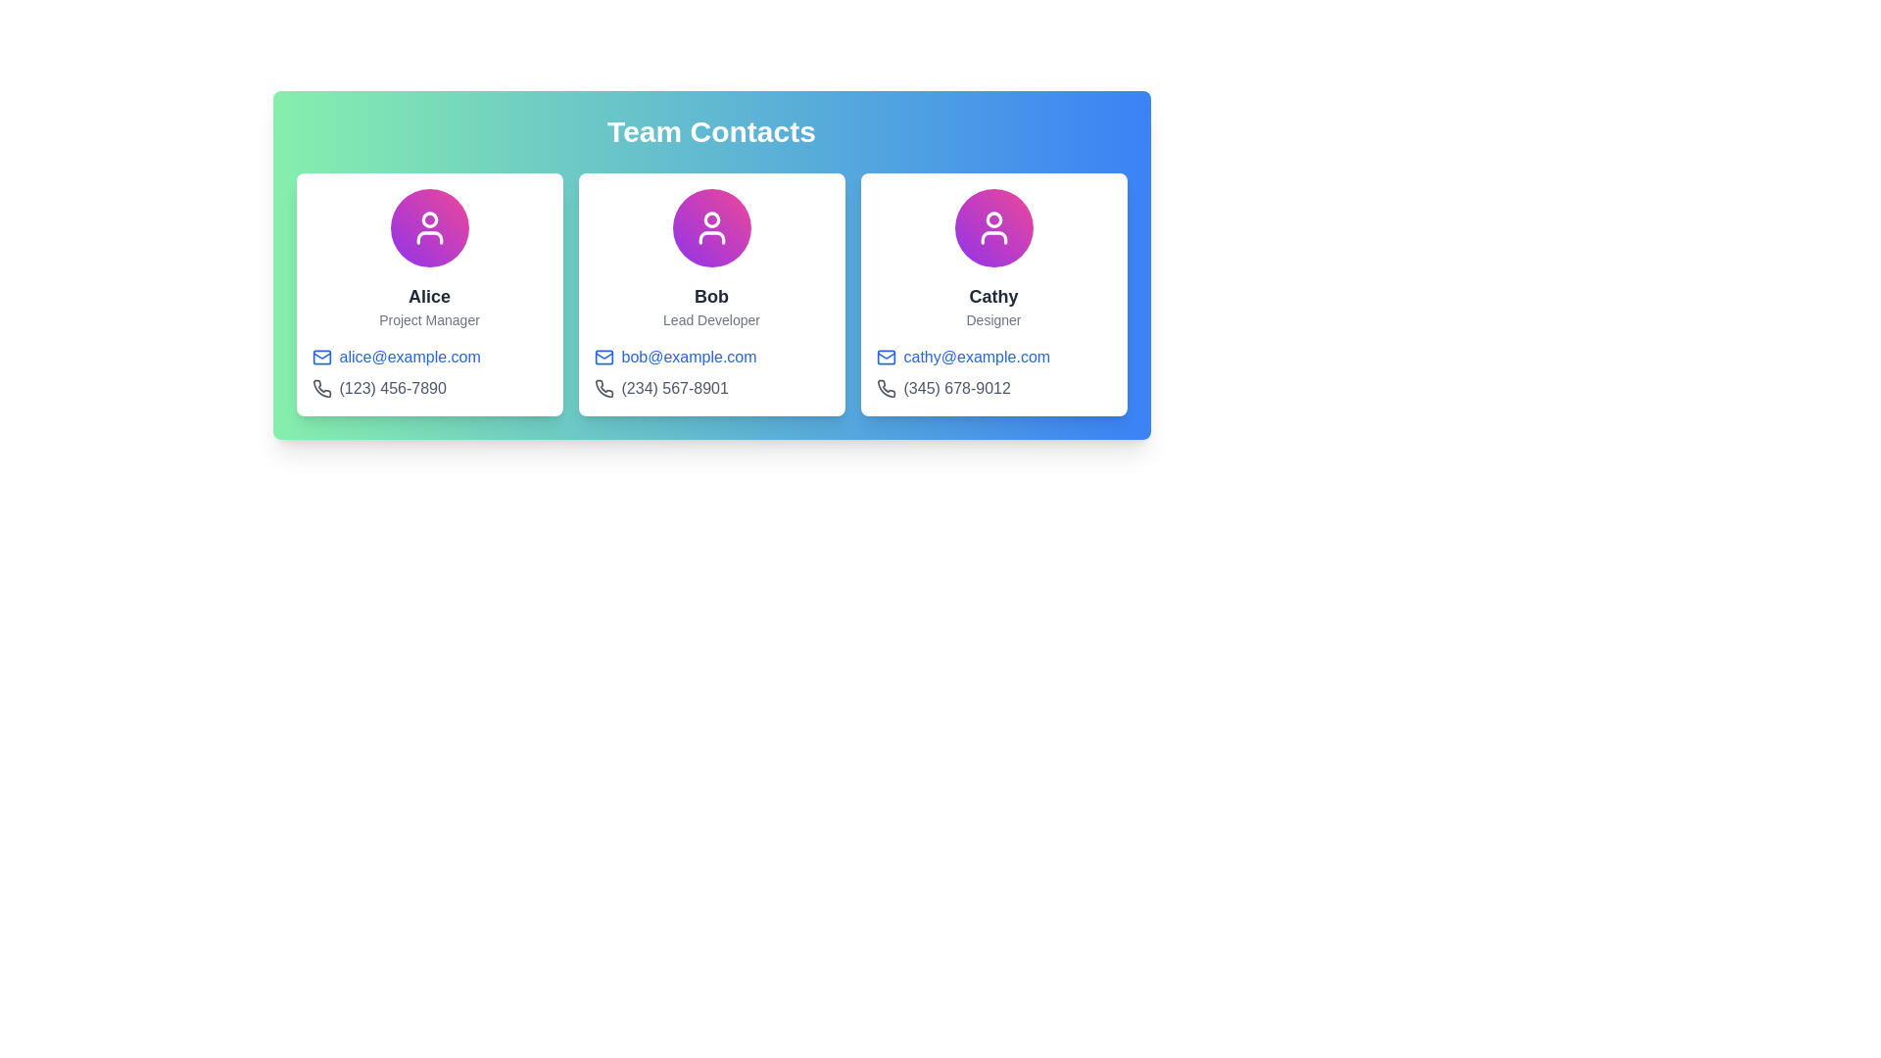  I want to click on the phone icon styled in a rounded stroke design located in Cathy's contact card, adjacent to her contact information, so click(885, 389).